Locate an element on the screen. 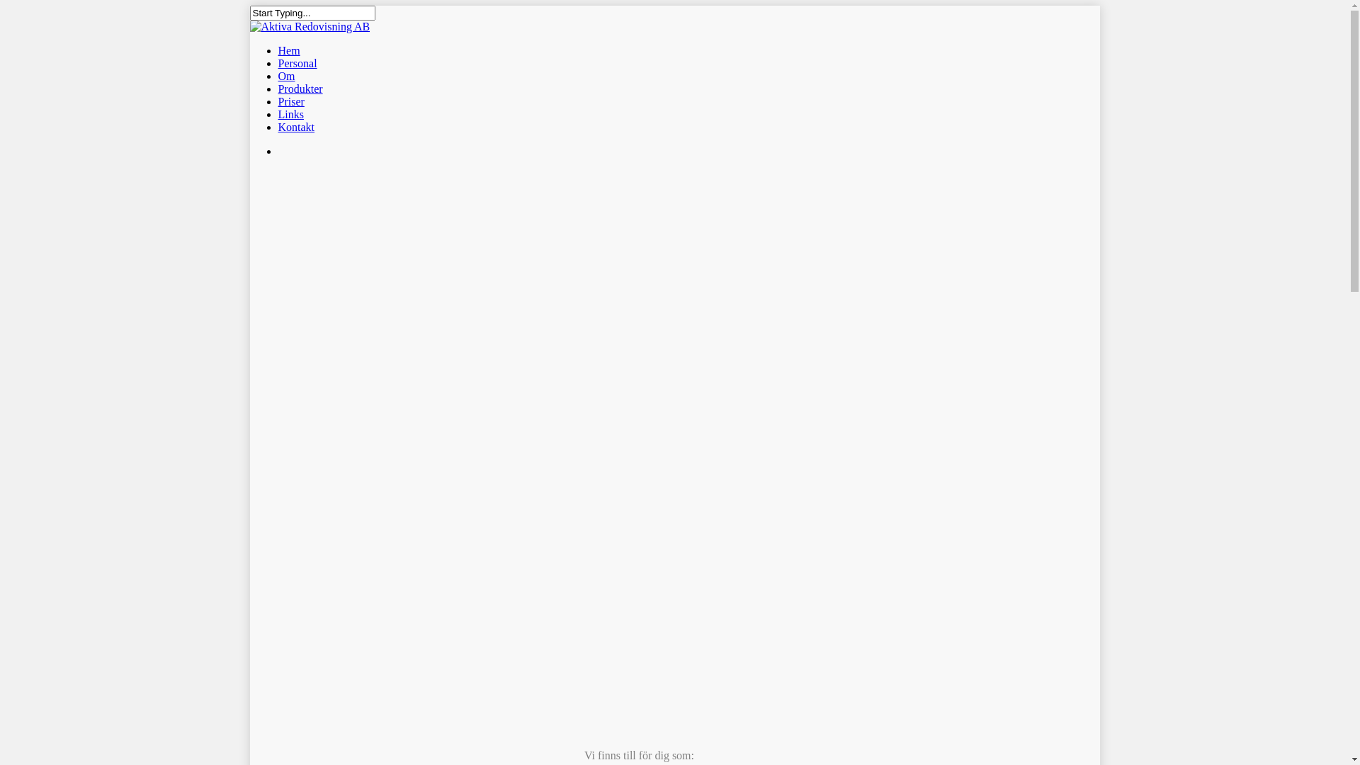 The height and width of the screenshot is (765, 1360). 'Produkter' is located at coordinates (299, 89).